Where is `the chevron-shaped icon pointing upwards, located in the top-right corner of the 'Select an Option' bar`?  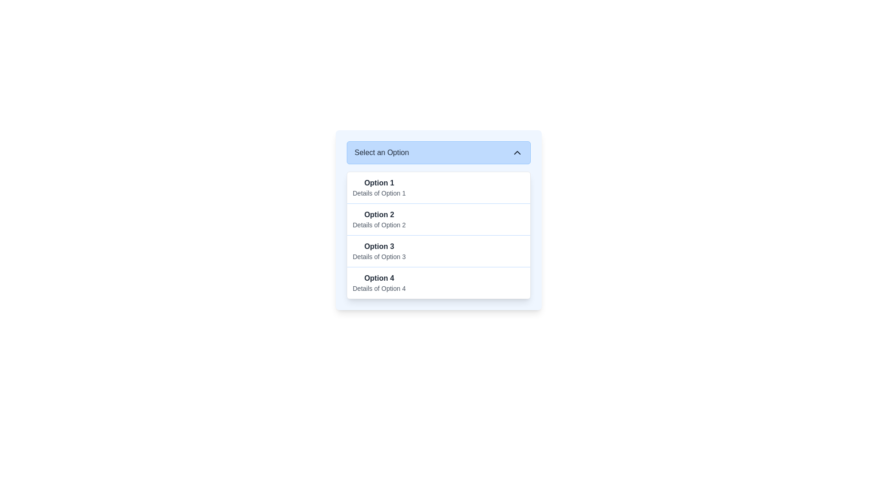 the chevron-shaped icon pointing upwards, located in the top-right corner of the 'Select an Option' bar is located at coordinates (517, 152).